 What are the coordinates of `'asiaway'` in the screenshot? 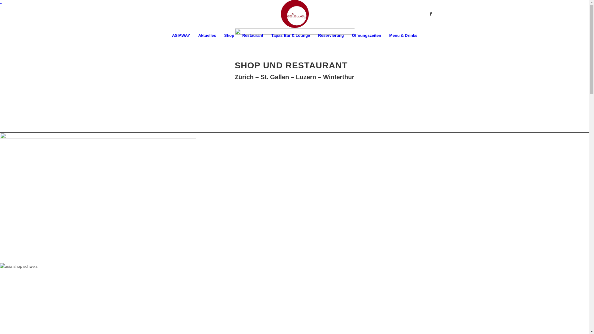 It's located at (0, 198).